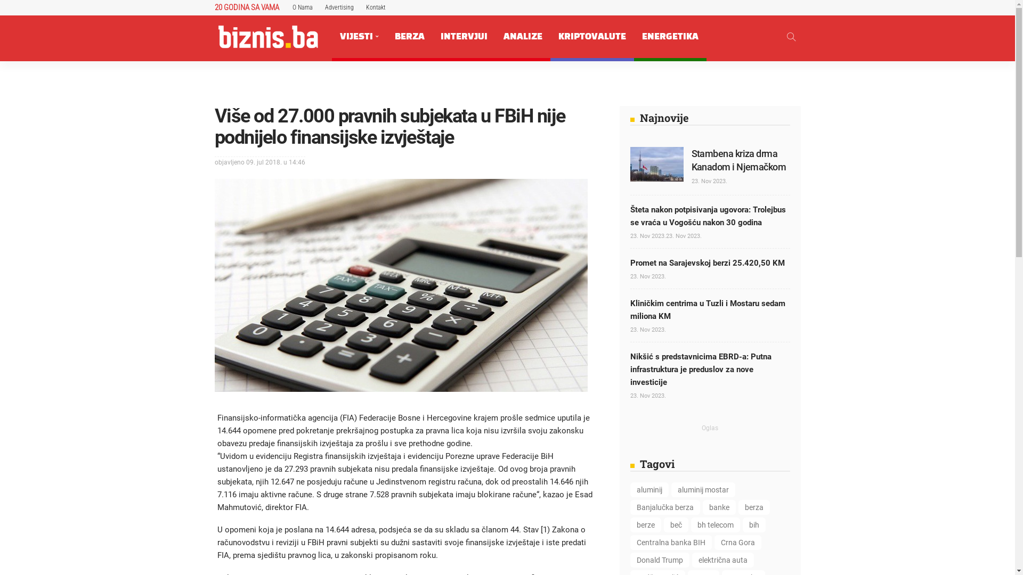  I want to click on 'aluminij', so click(648, 490).